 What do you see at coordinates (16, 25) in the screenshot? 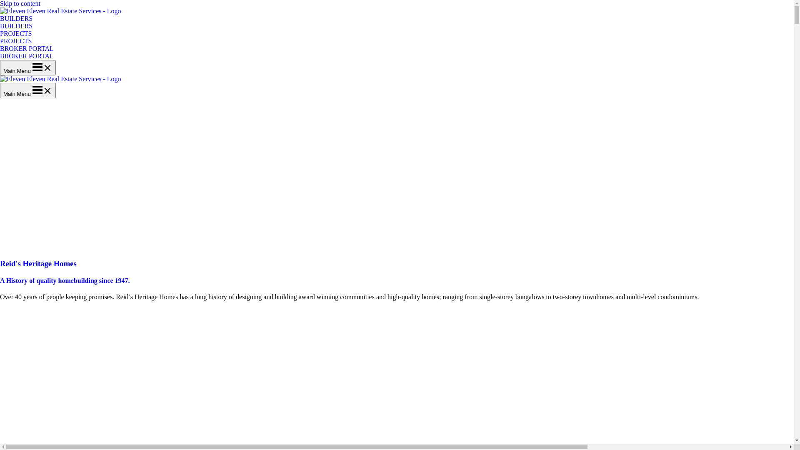
I see `'BUILDERS'` at bounding box center [16, 25].